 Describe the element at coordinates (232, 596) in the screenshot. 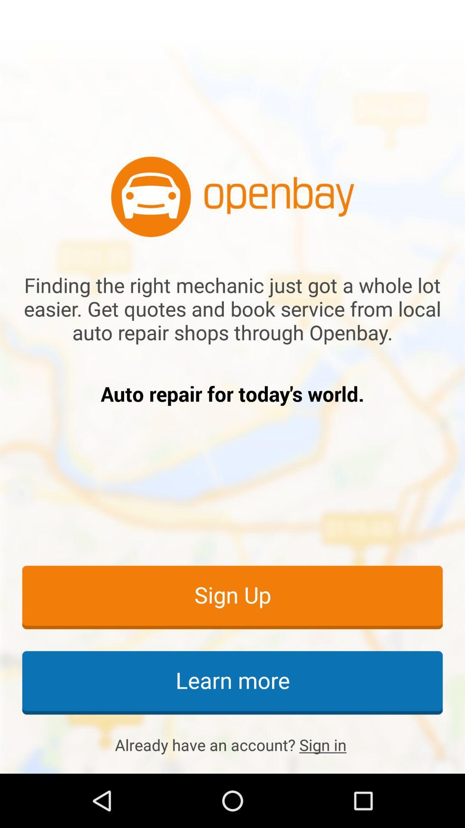

I see `item below auto repair for item` at that location.